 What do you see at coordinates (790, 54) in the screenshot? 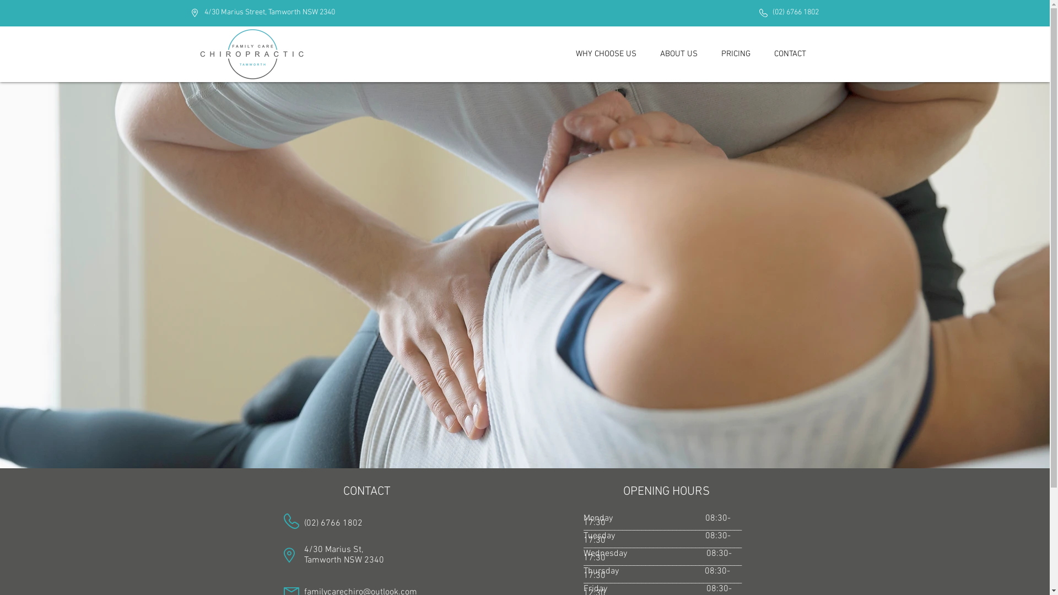
I see `'CONTACT'` at bounding box center [790, 54].